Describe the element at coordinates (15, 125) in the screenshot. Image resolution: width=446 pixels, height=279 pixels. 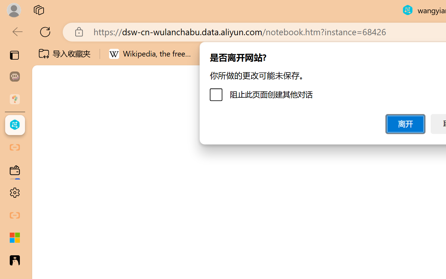
I see `'wangyian_dsw - DSW'` at that location.